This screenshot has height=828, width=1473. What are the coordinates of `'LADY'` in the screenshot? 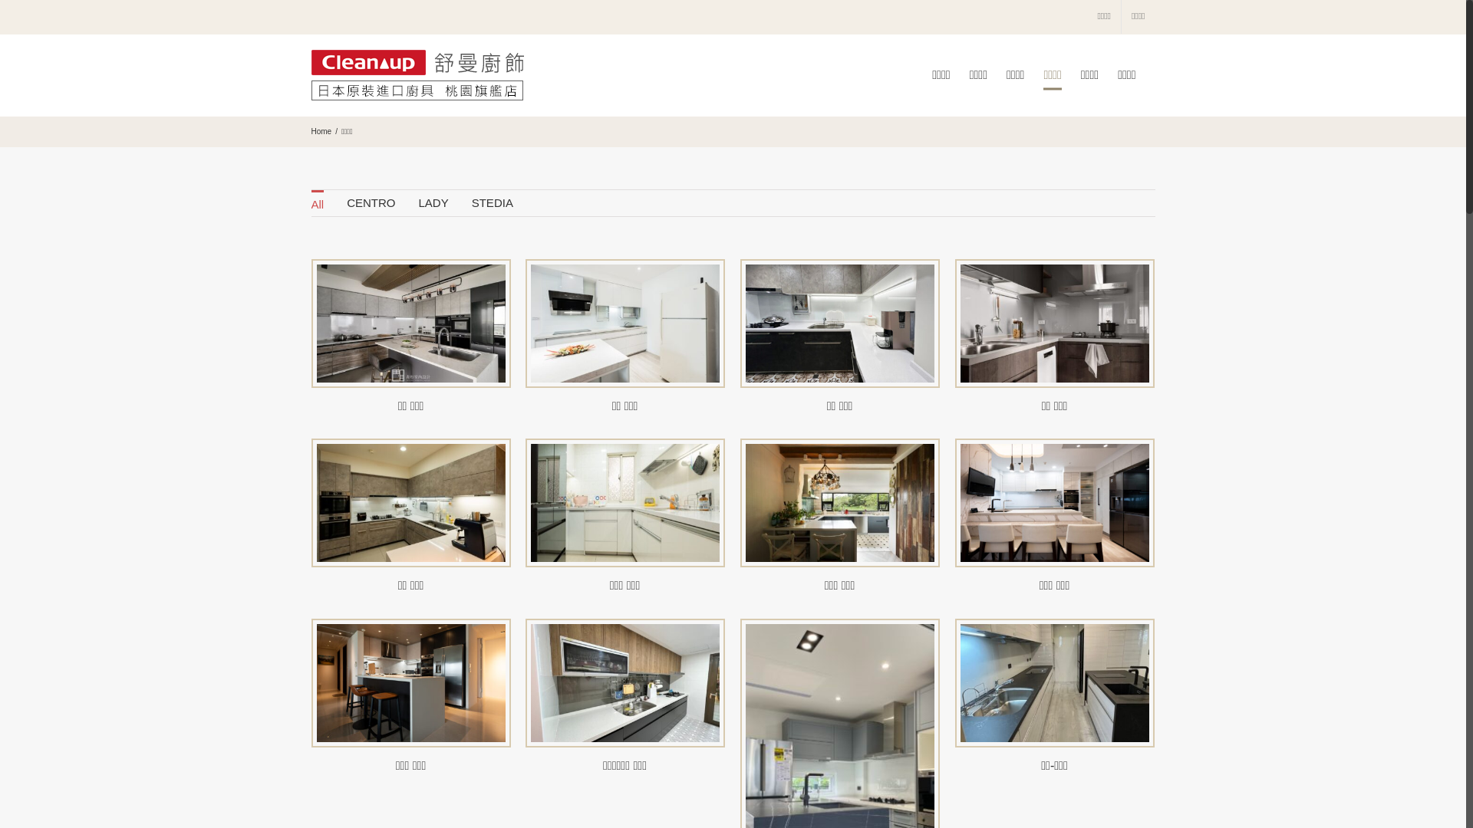 It's located at (433, 202).